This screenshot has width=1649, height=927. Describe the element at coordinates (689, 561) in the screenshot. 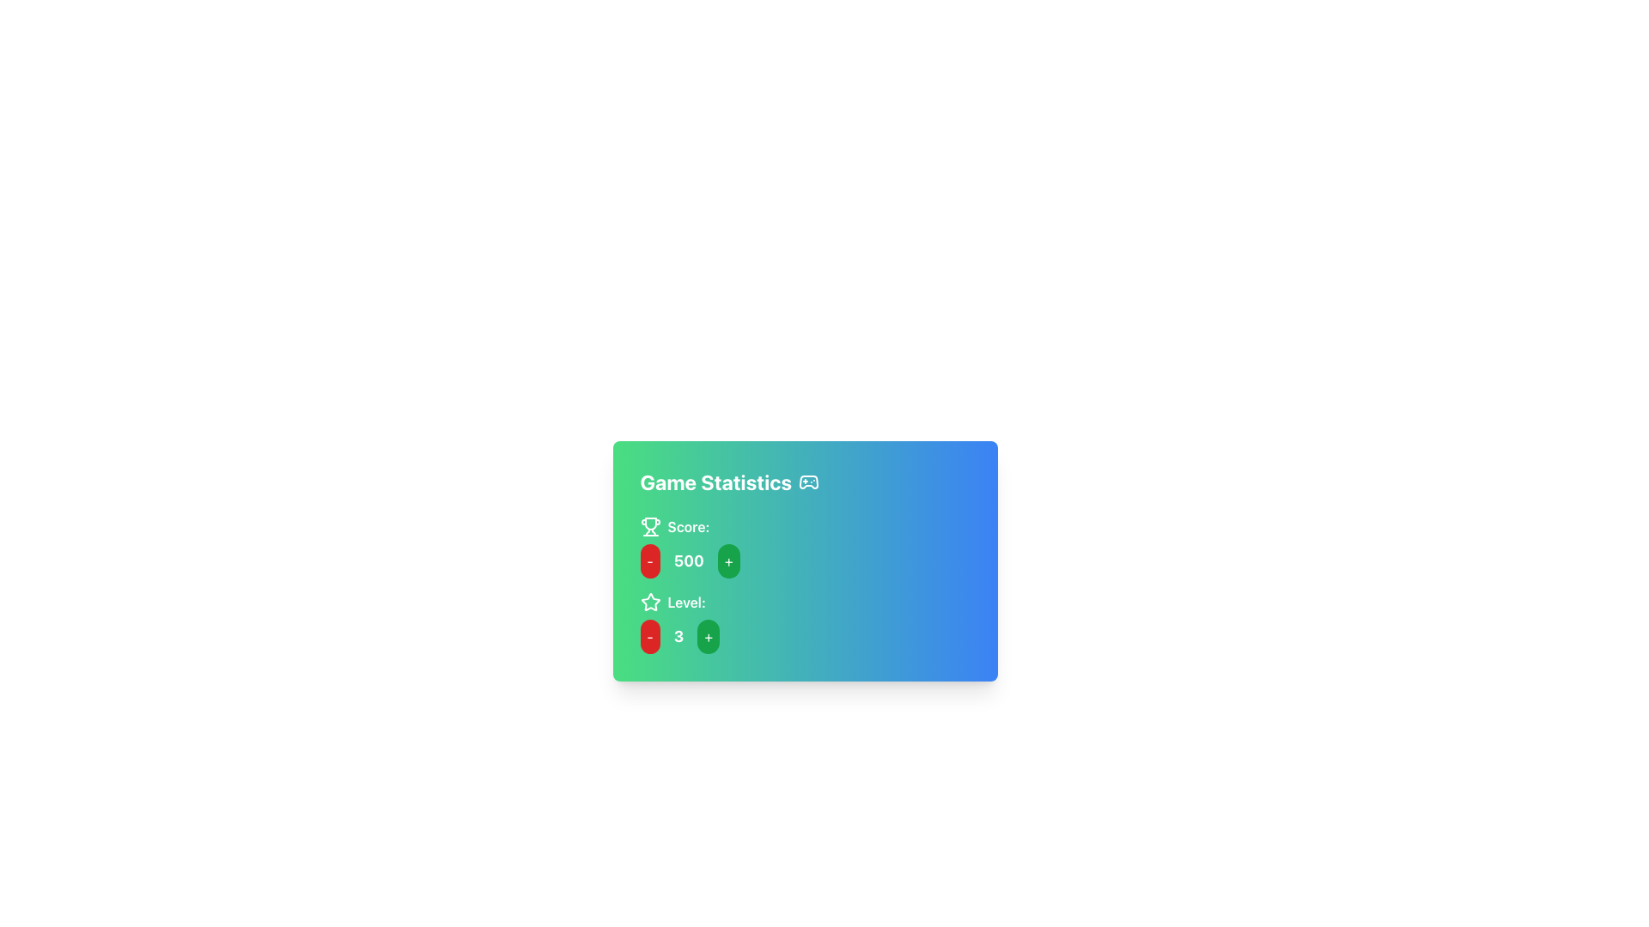

I see `the numeric value '500' displayed prominently in bold and large font under the section titled 'Score:'` at that location.